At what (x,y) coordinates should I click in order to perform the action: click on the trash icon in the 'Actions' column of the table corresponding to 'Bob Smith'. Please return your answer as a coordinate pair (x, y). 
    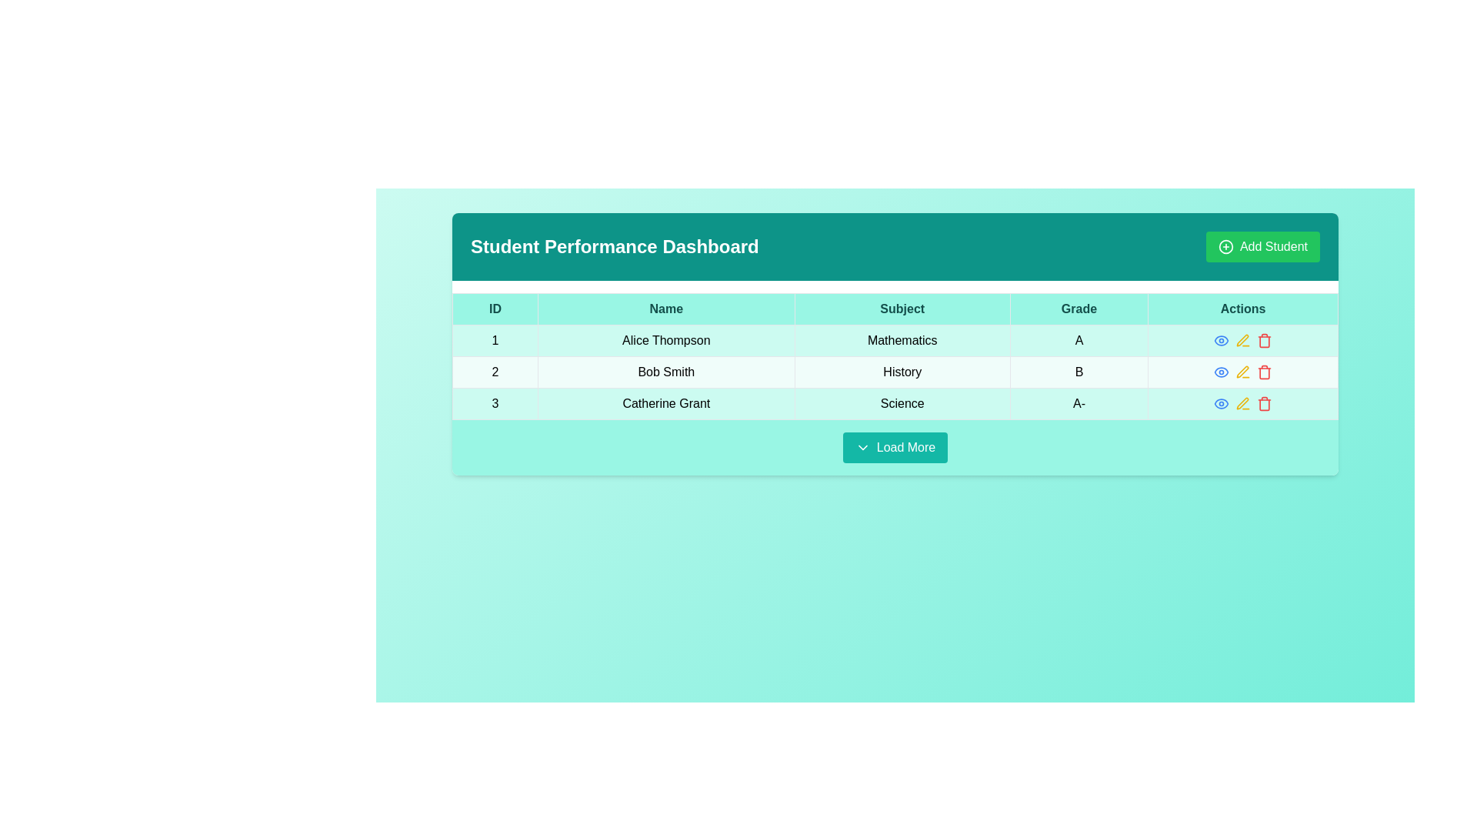
    Looking at the image, I should click on (1265, 372).